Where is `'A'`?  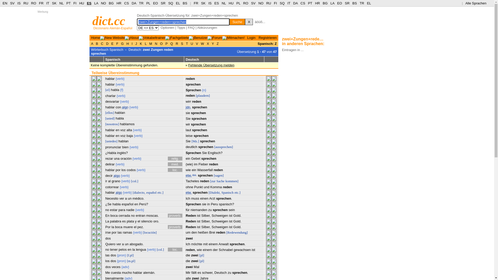 'A' is located at coordinates (91, 43).